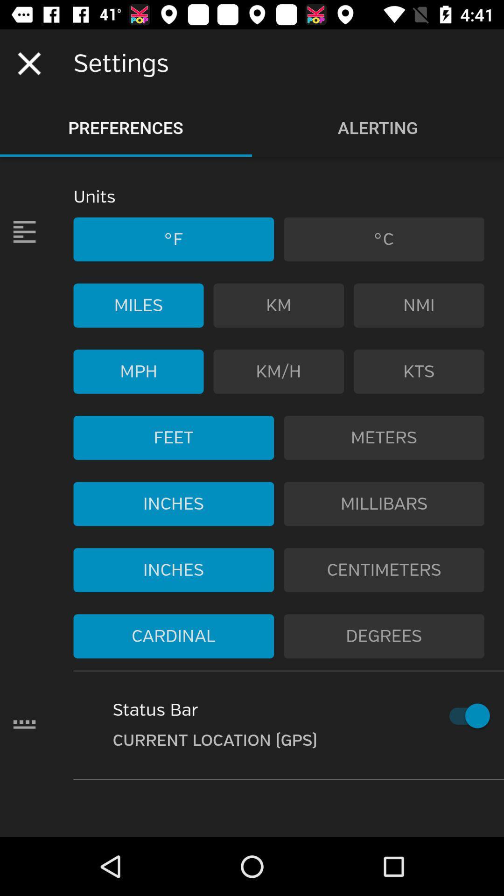 This screenshot has height=896, width=504. What do you see at coordinates (465, 715) in the screenshot?
I see `current gps location` at bounding box center [465, 715].